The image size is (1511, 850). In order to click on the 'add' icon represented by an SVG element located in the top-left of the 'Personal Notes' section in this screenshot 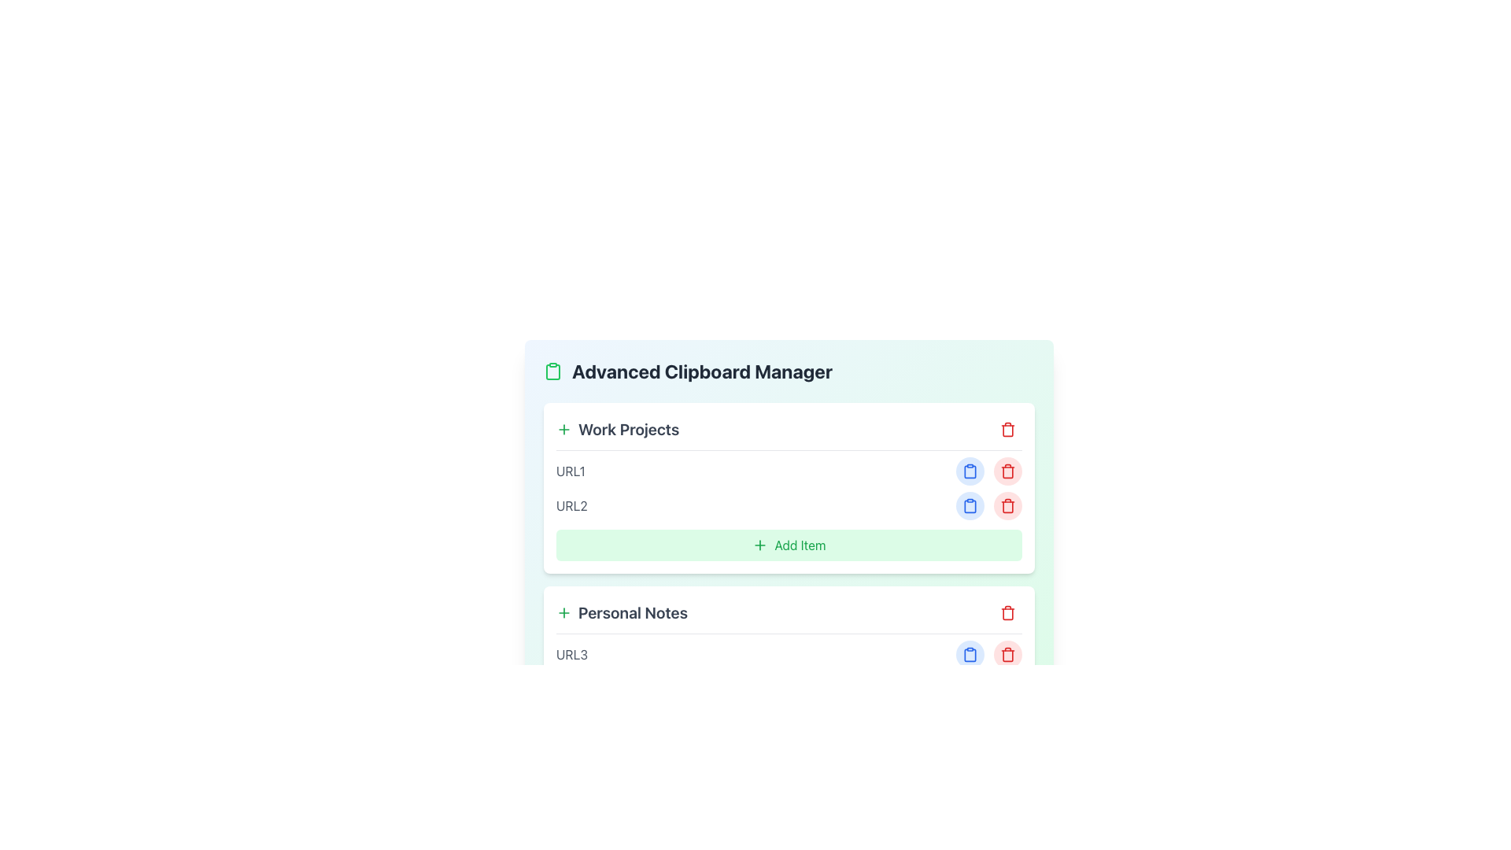, I will do `click(563, 612)`.